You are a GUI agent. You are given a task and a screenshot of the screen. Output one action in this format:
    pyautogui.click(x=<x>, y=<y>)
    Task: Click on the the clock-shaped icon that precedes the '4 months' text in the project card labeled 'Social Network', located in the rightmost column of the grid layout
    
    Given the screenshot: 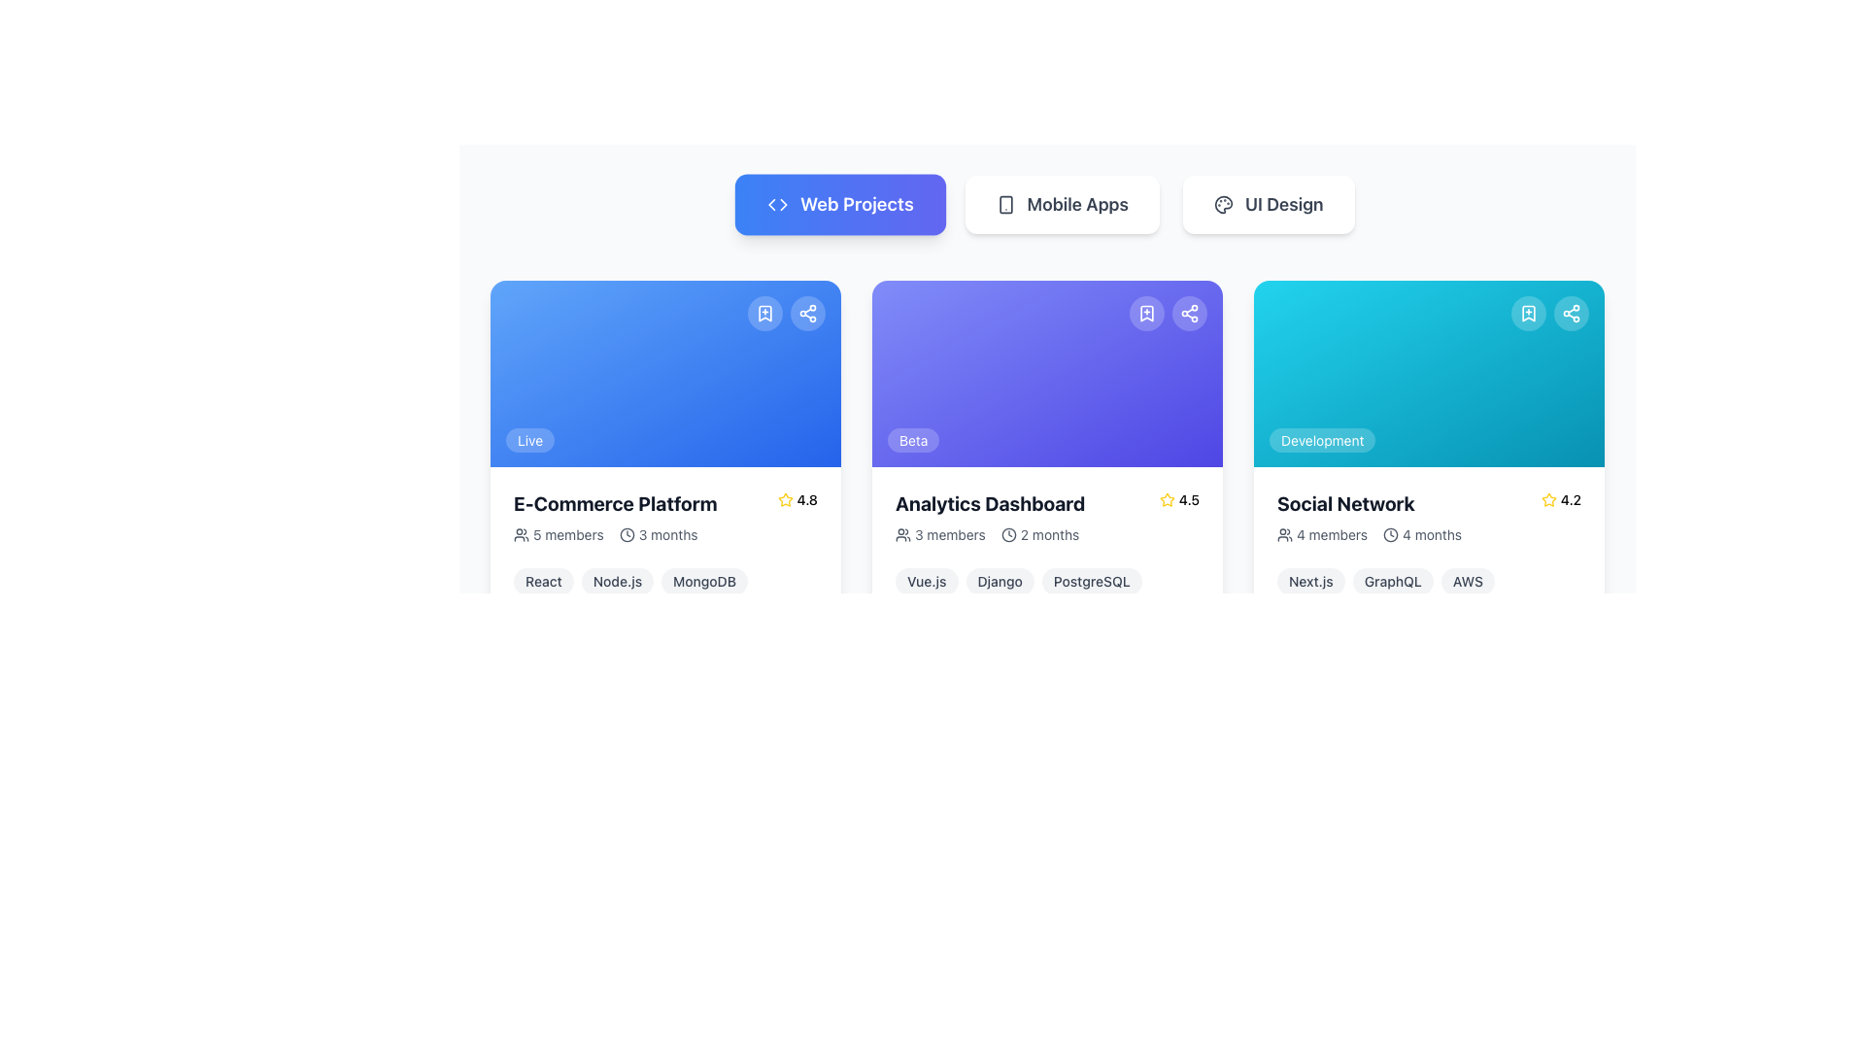 What is the action you would take?
    pyautogui.click(x=1390, y=535)
    